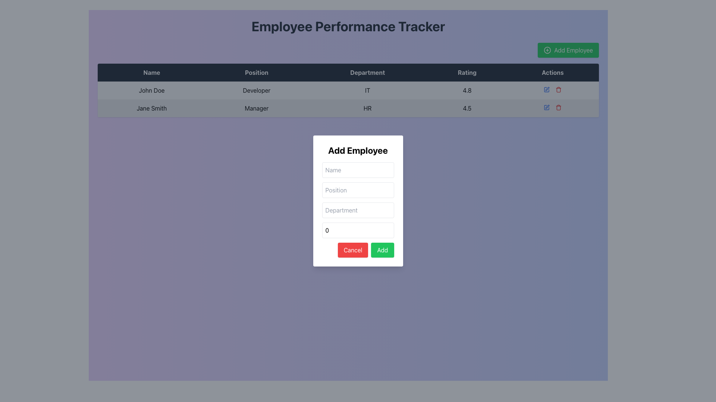 The image size is (716, 402). I want to click on the second row of the tabular format containing the details 'Jane Smith', 'Manager', 'HR', and '4.5', so click(348, 108).